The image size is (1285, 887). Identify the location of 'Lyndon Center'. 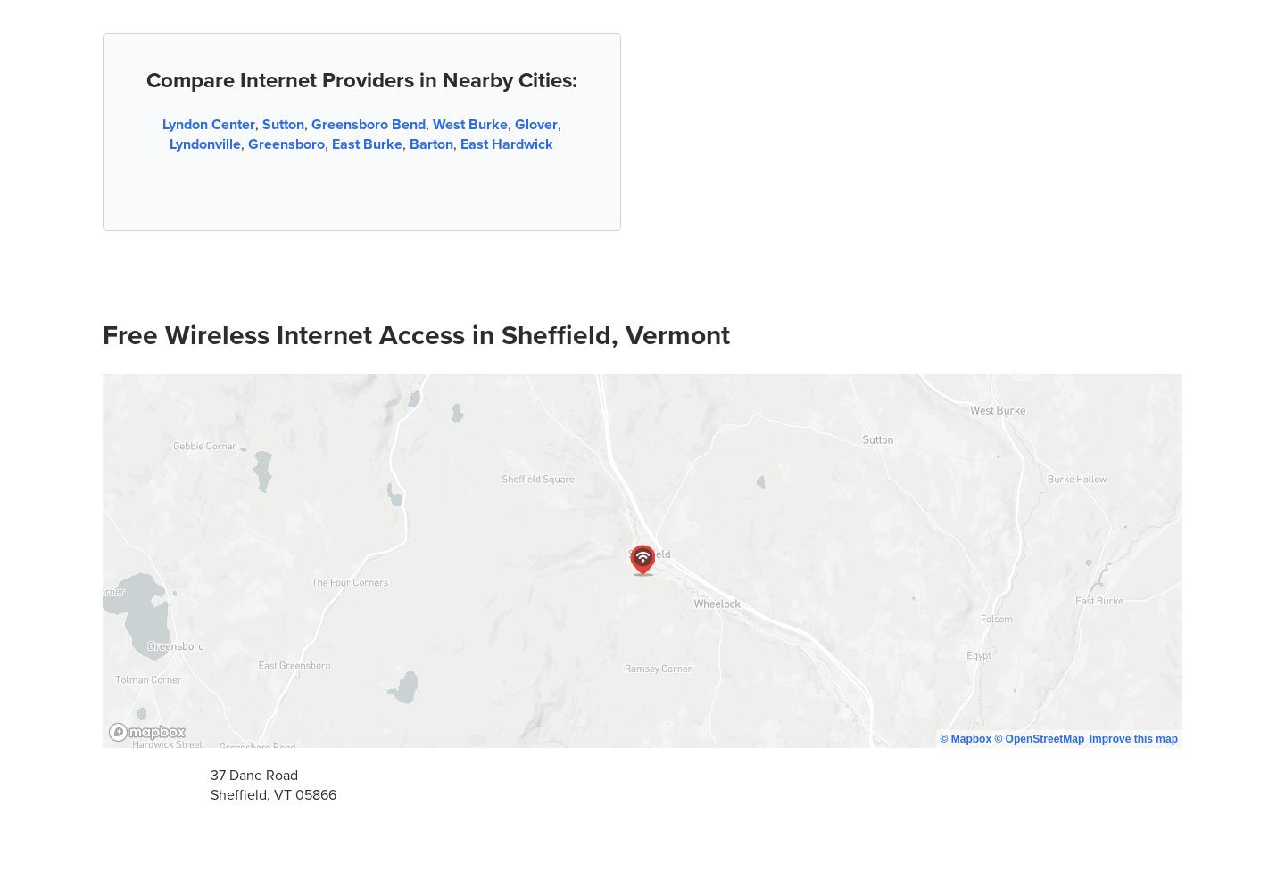
(162, 123).